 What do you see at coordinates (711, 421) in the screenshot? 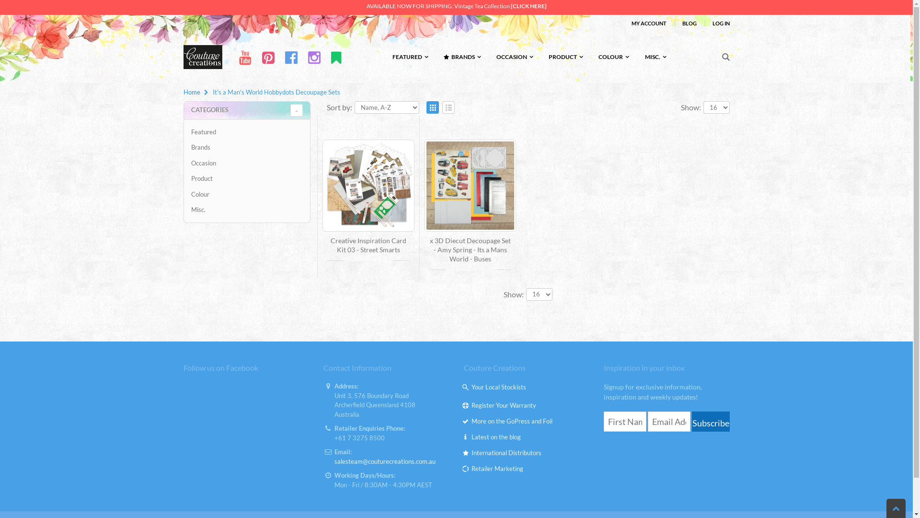
I see `'Subscribe'` at bounding box center [711, 421].